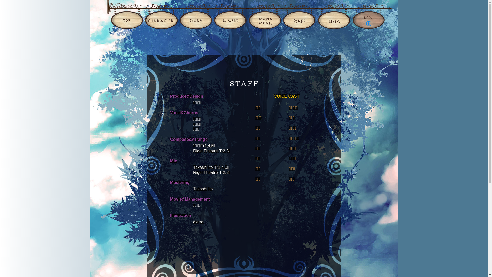  Describe the element at coordinates (371, 14) in the screenshot. I see `'BGM'` at that location.